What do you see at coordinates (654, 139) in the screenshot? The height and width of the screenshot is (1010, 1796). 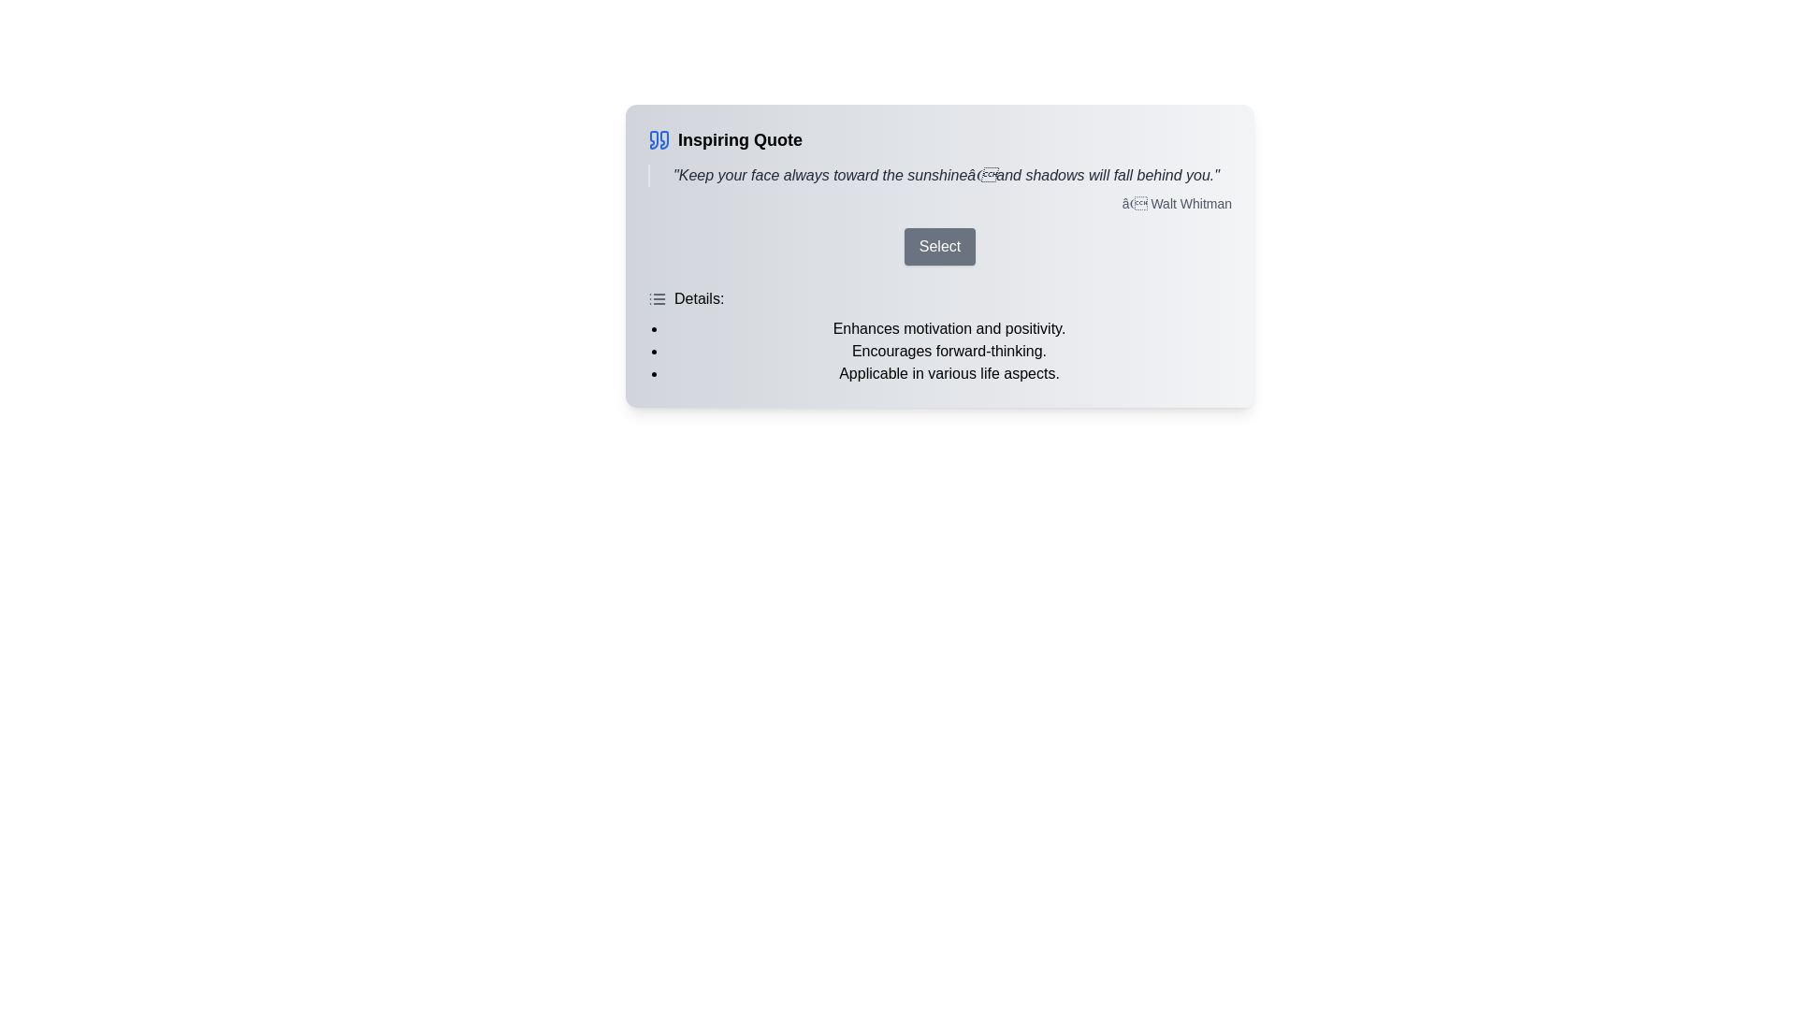 I see `the small blue icon resembling a quotation mark located in the top-left corner of the card under the title 'Inspiring Quote'` at bounding box center [654, 139].